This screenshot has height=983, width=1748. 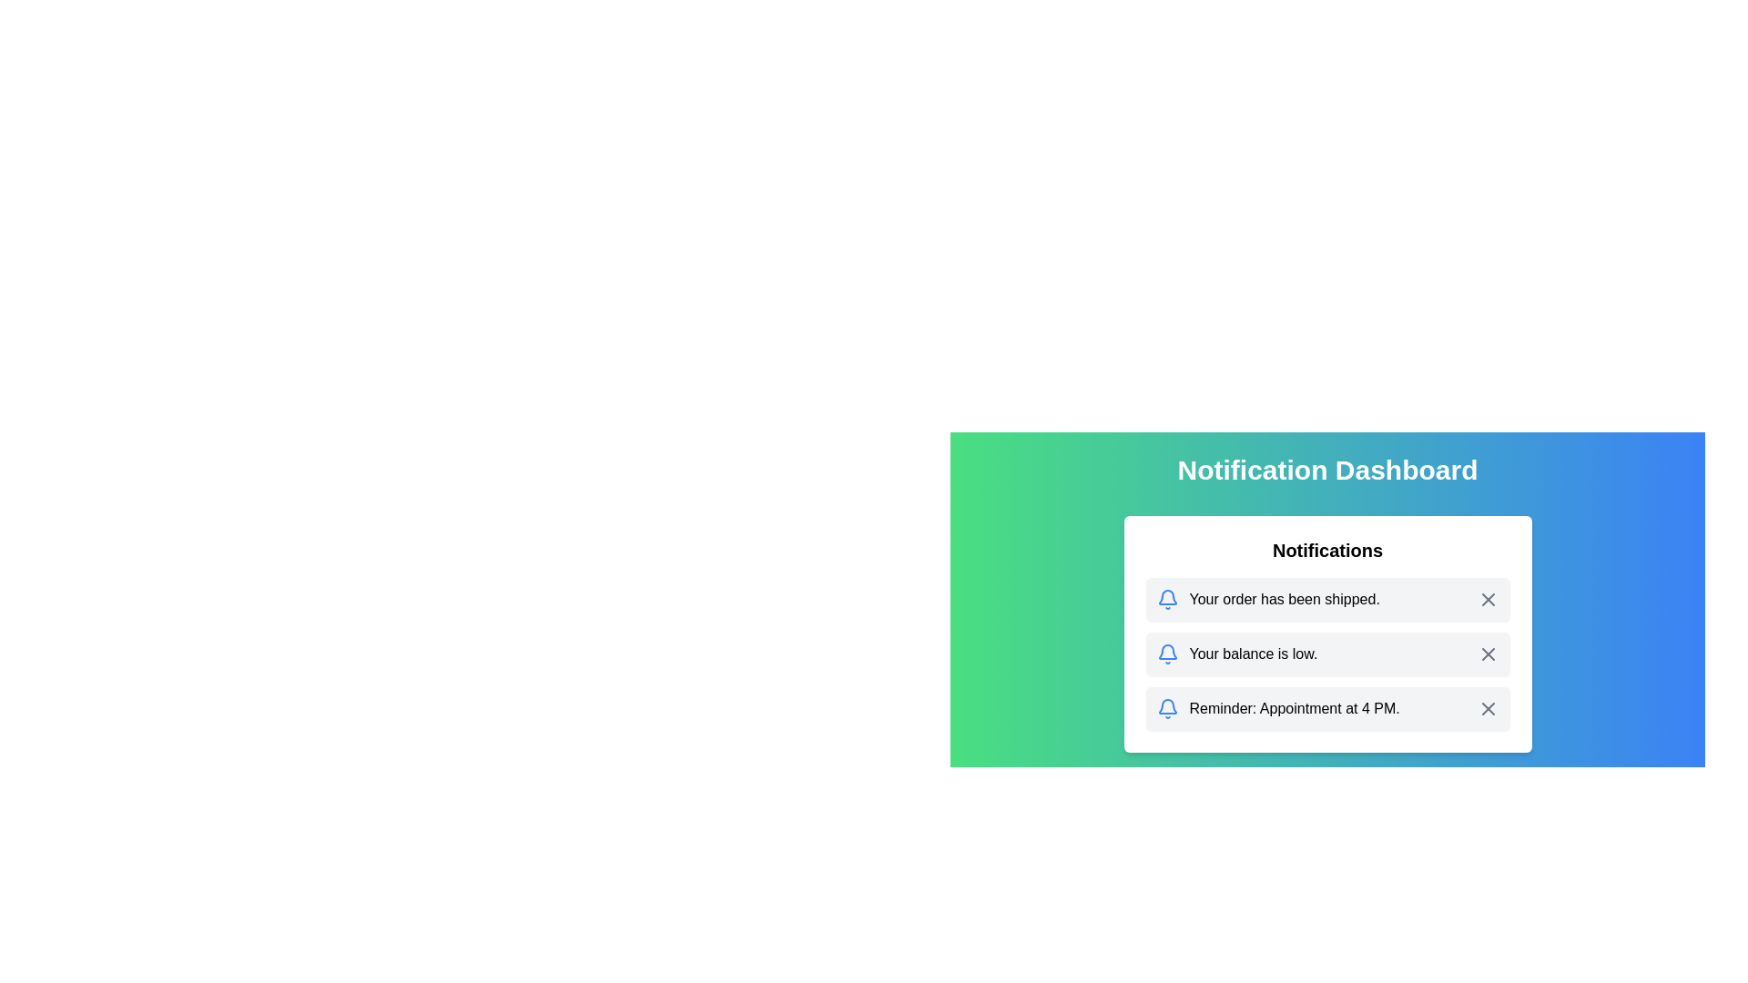 What do you see at coordinates (1327, 708) in the screenshot?
I see `notification item with the bell icon and the text 'Reminder: Appointment at 4 PM.' located in the Notifications section of the dashboard` at bounding box center [1327, 708].